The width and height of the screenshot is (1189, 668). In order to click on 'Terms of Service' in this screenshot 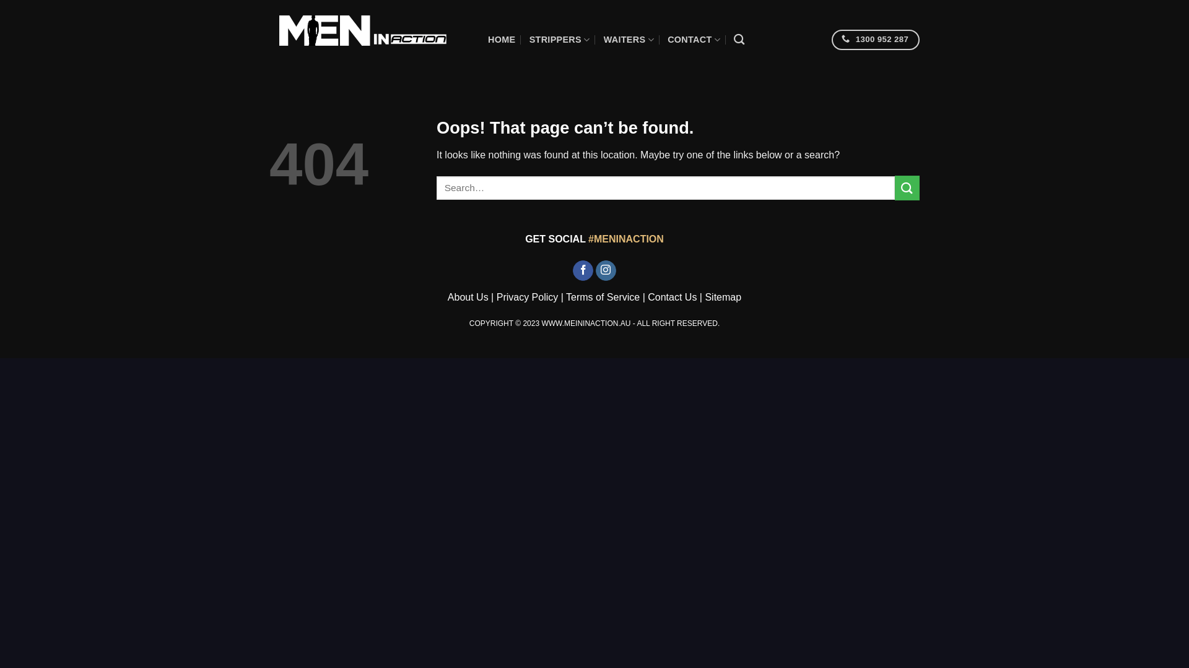, I will do `click(603, 297)`.